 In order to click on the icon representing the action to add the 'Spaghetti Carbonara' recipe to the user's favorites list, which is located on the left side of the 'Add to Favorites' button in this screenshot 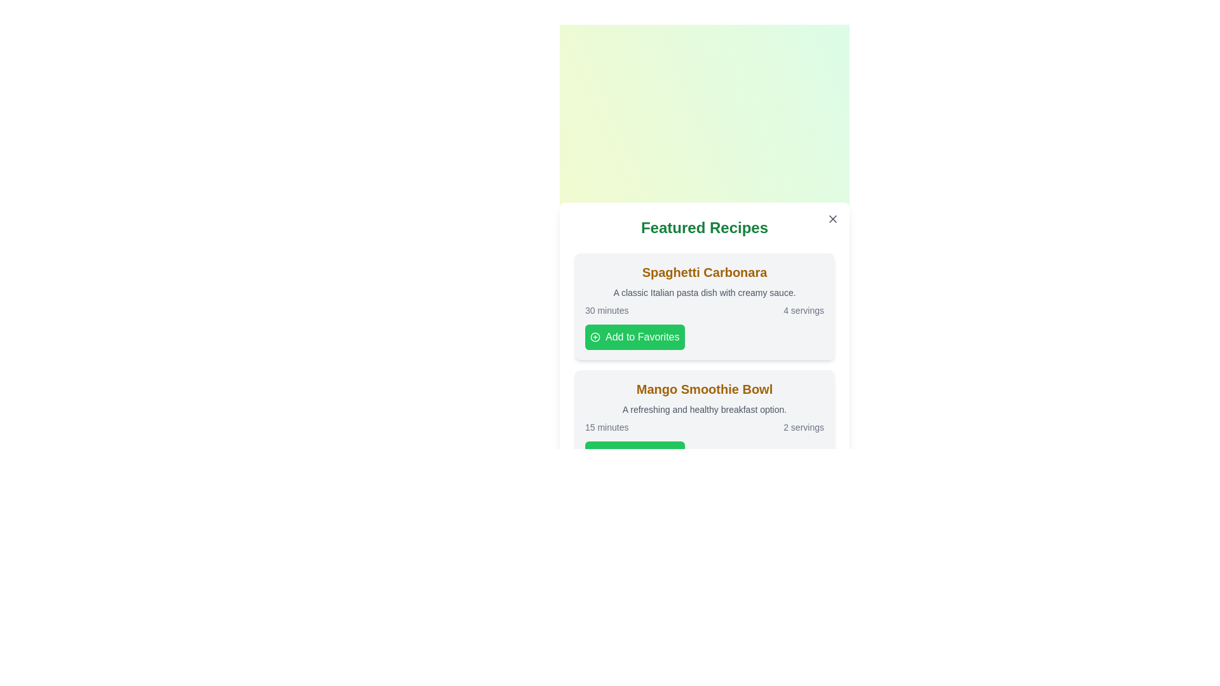, I will do `click(594, 337)`.